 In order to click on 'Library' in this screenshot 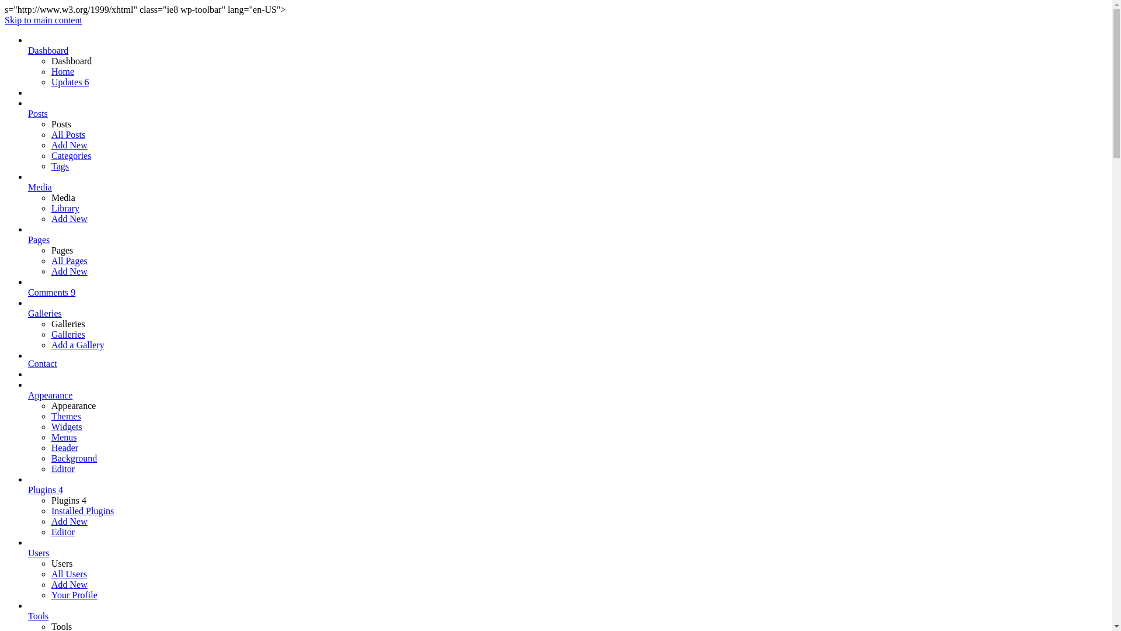, I will do `click(50, 207)`.